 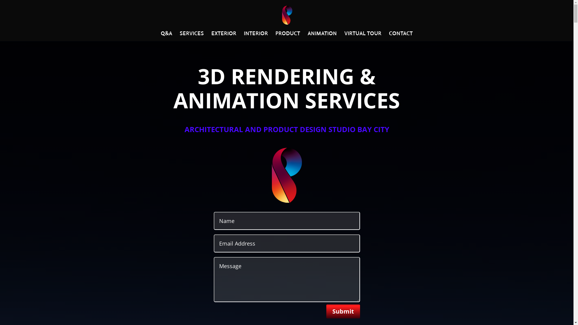 What do you see at coordinates (343, 311) in the screenshot?
I see `'Submit'` at bounding box center [343, 311].